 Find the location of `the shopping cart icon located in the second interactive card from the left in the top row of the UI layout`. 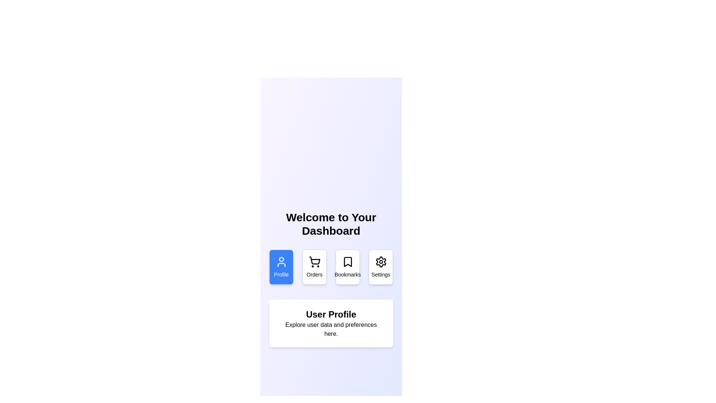

the shopping cart icon located in the second interactive card from the left in the top row of the UI layout is located at coordinates (314, 262).